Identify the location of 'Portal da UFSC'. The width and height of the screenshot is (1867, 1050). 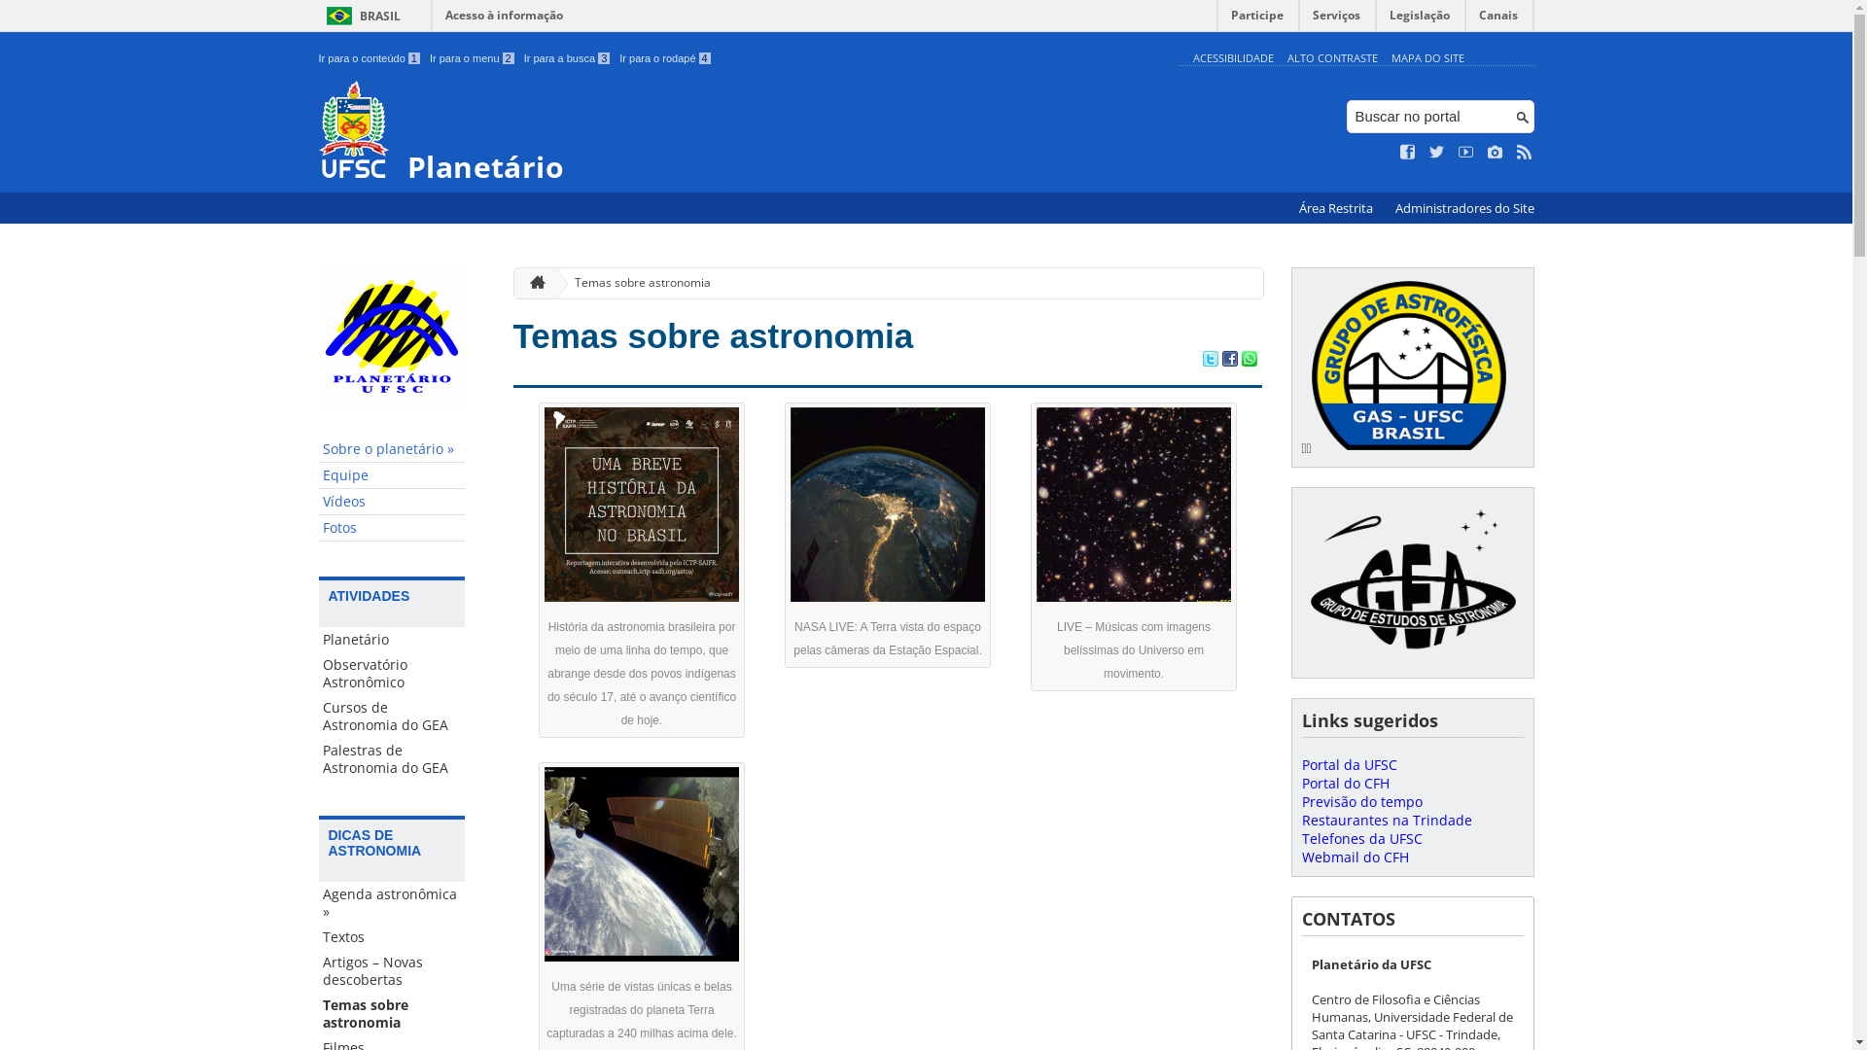
(1348, 763).